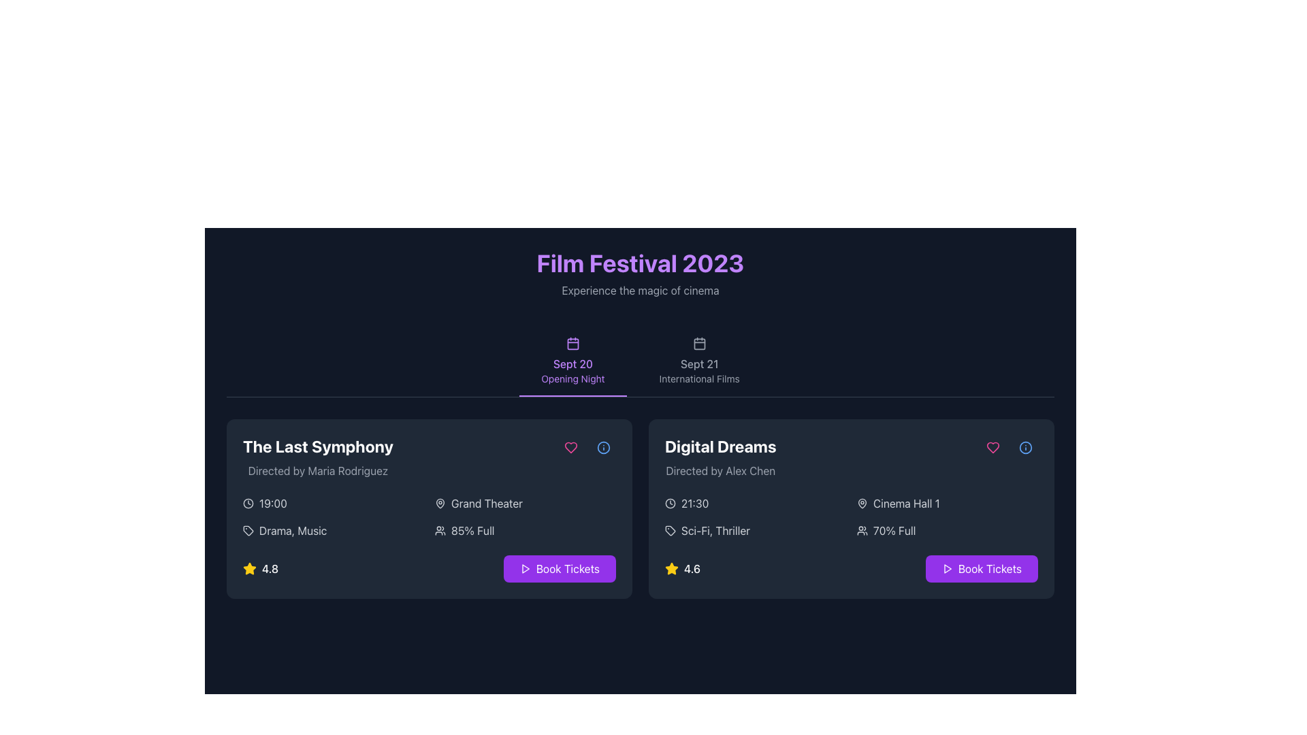 This screenshot has width=1307, height=735. What do you see at coordinates (587, 448) in the screenshot?
I see `the group of interactive buttons or icons located in the top-right corner of 'The Last Symphony' card, which provides quick functionalities such as marking as favorite or accessing additional information` at bounding box center [587, 448].